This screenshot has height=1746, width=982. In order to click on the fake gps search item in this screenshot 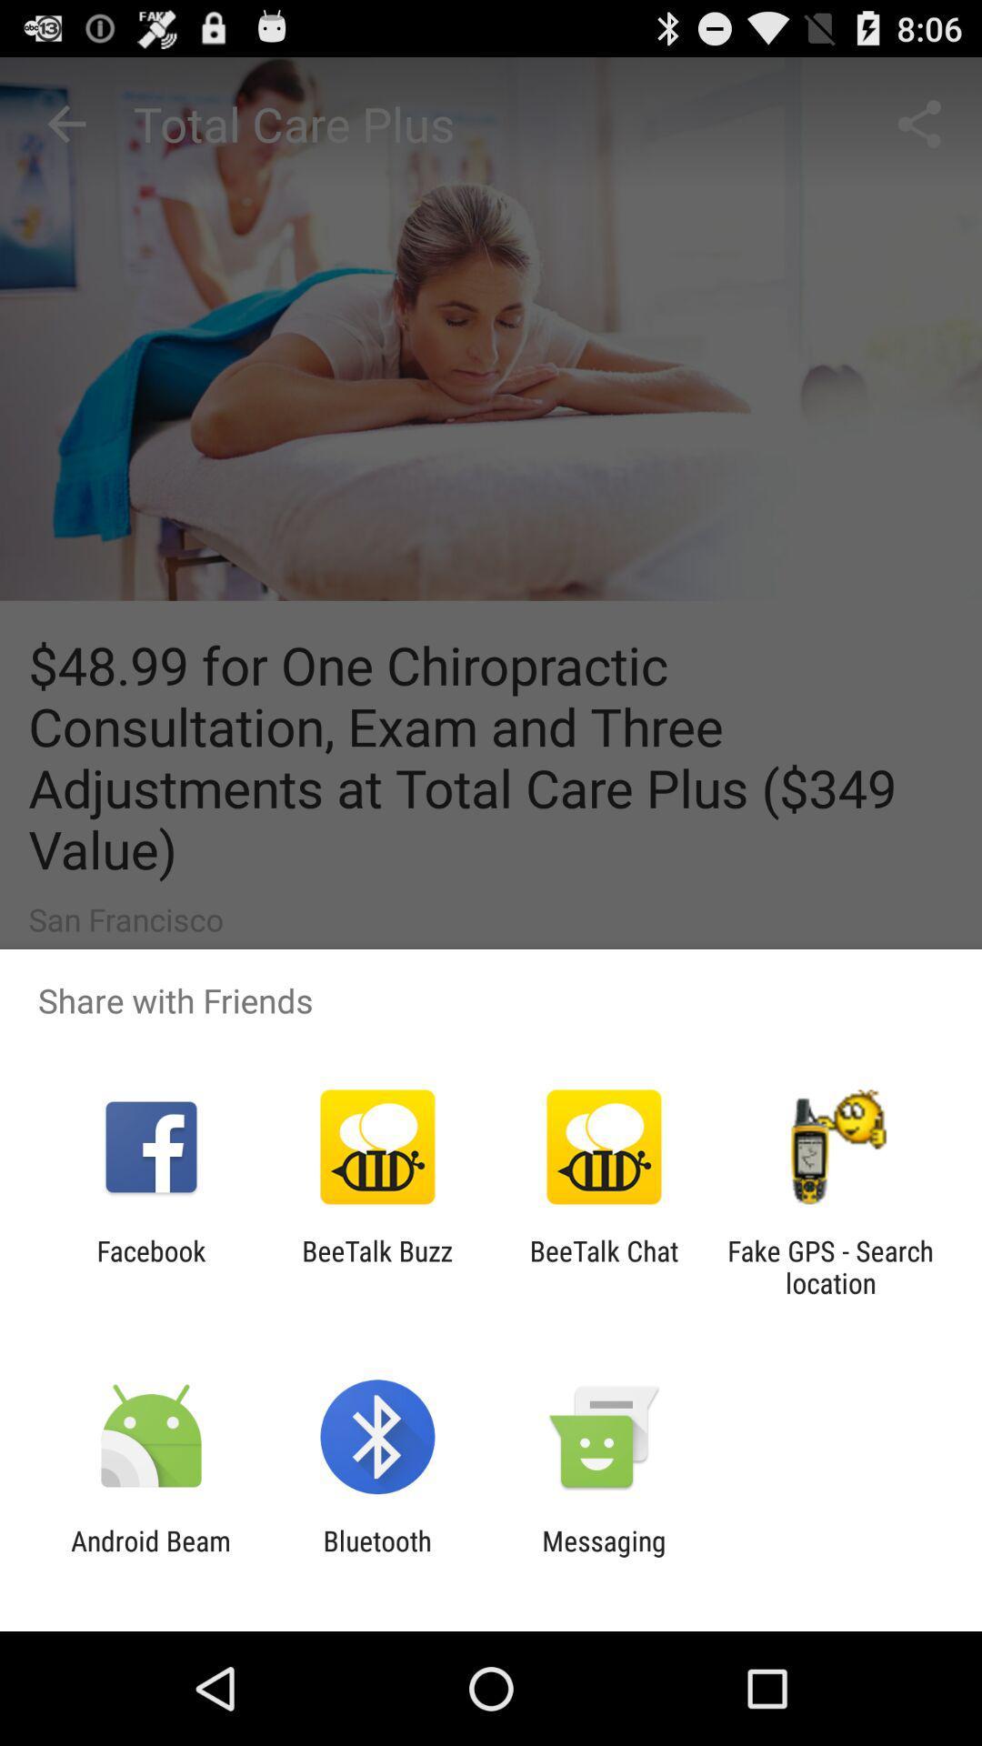, I will do `click(830, 1266)`.